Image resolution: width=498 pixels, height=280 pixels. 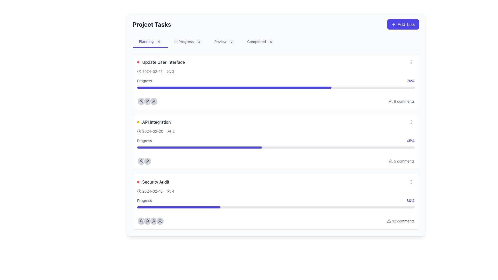 What do you see at coordinates (275, 148) in the screenshot?
I see `the second progress bar in the 'Progress' section, which visually indicates 45% completion` at bounding box center [275, 148].